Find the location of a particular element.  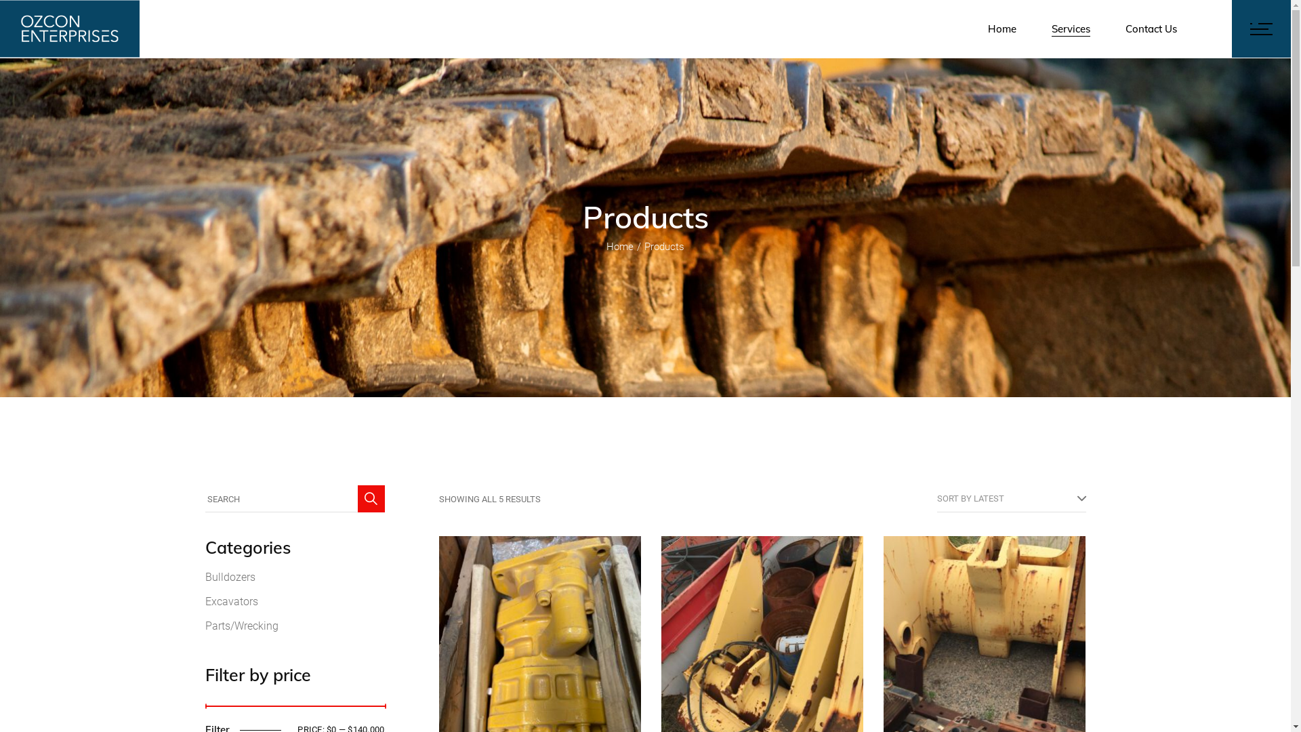

'Contact Us' is located at coordinates (1151, 28).